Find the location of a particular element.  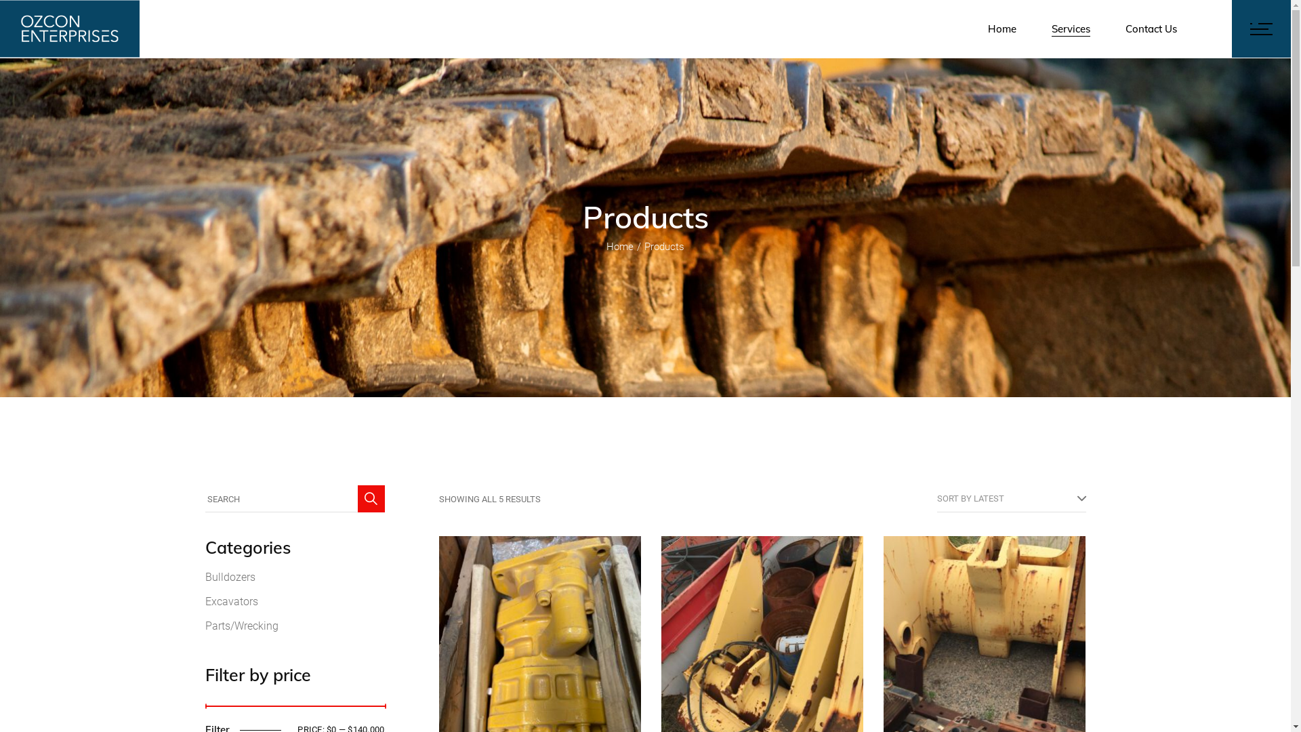

'Contact Us' is located at coordinates (1151, 28).